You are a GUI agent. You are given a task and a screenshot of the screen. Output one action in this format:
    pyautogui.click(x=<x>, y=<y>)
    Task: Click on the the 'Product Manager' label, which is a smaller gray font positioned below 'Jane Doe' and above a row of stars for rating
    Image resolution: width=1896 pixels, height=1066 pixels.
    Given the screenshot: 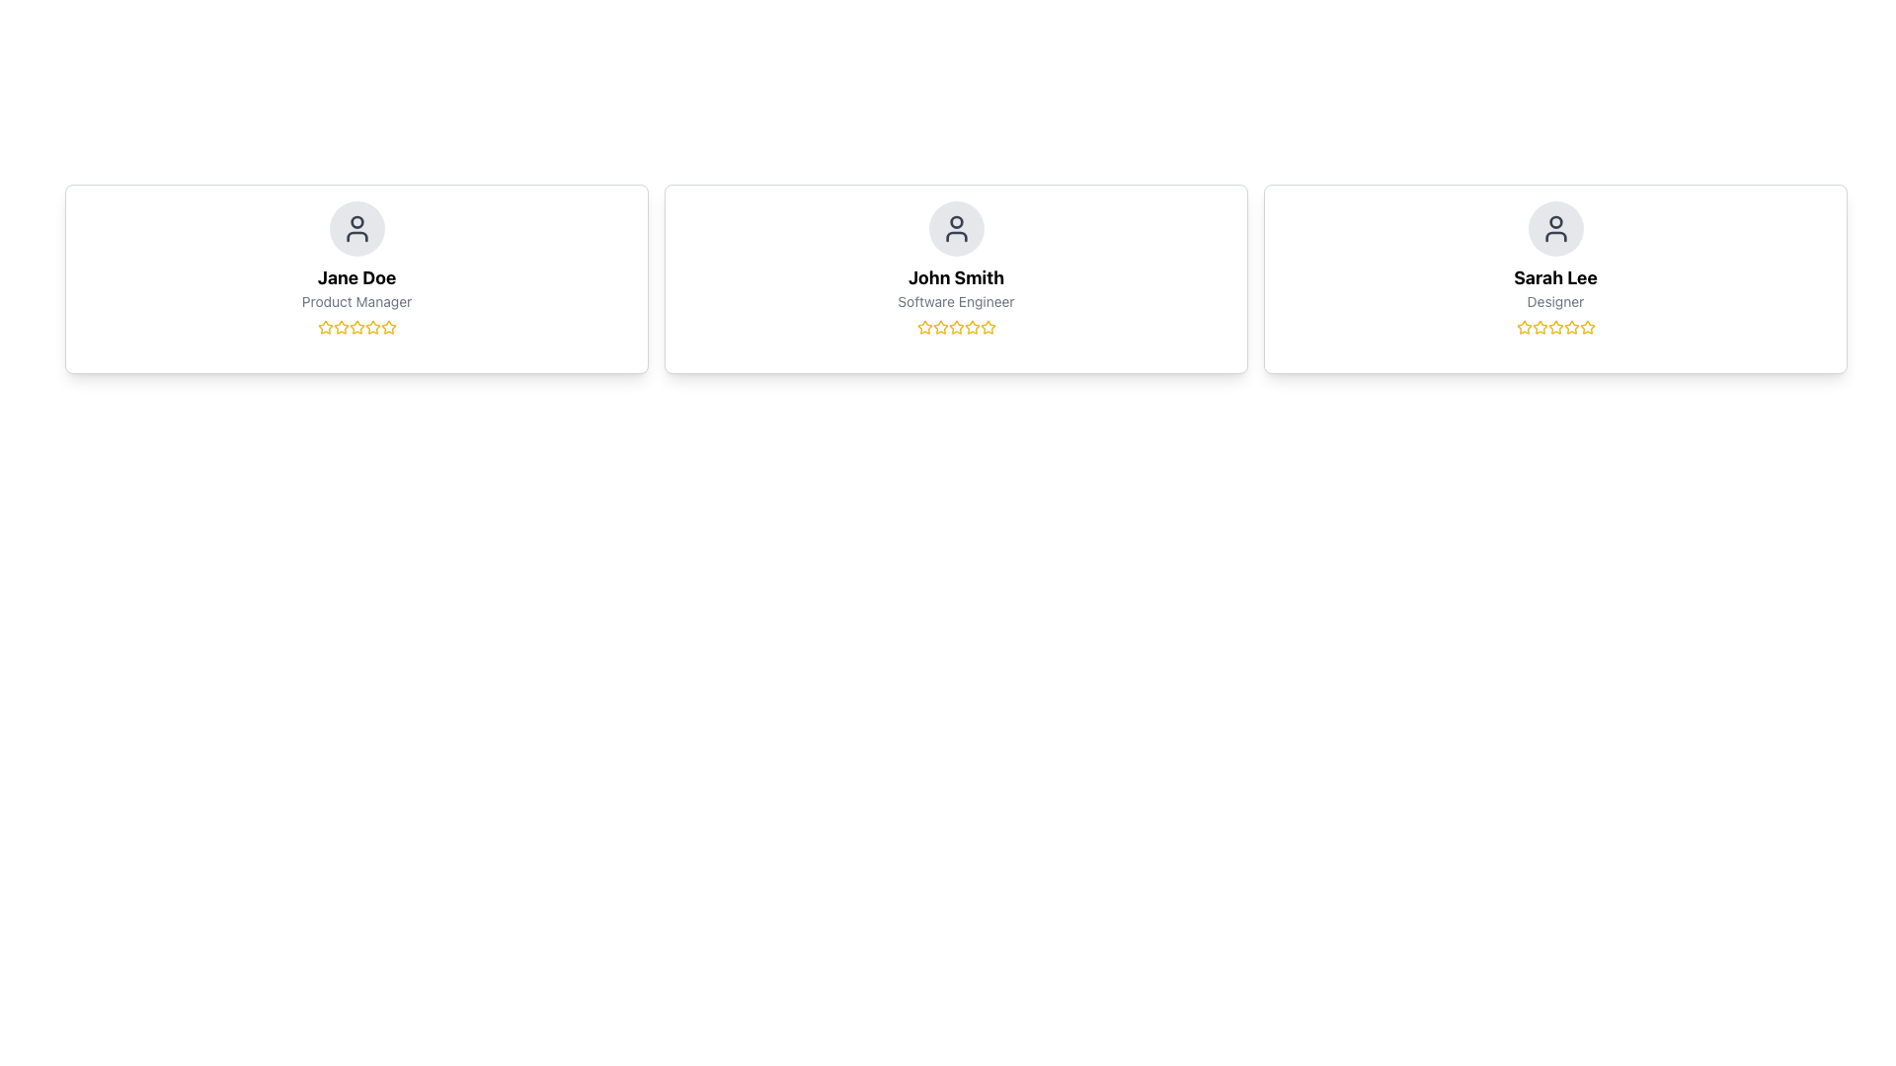 What is the action you would take?
    pyautogui.click(x=356, y=301)
    